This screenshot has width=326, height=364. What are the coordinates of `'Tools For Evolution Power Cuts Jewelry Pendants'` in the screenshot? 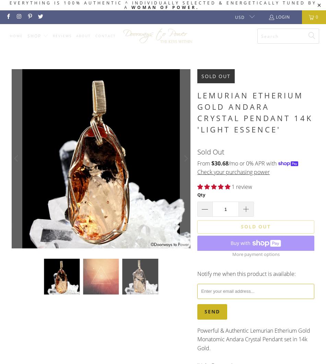 It's located at (34, 212).